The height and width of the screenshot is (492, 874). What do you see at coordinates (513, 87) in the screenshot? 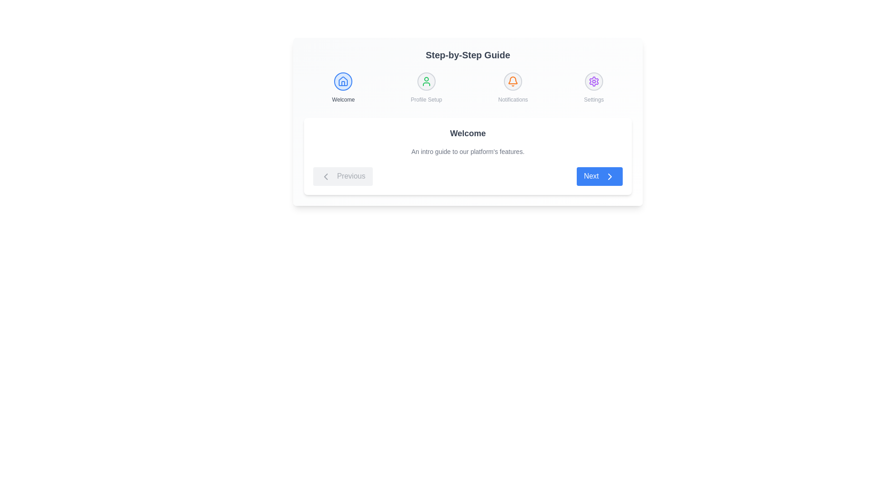
I see `the 'Notifications' icon, which is a circular element with a bell-shaped icon in orange and a small gray label below it` at bounding box center [513, 87].